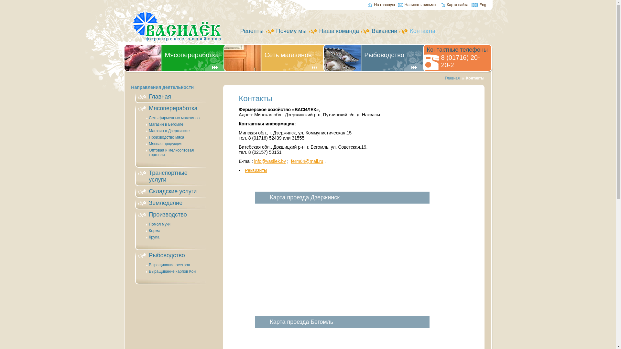  What do you see at coordinates (291, 161) in the screenshot?
I see `'ferm64@mail.ru'` at bounding box center [291, 161].